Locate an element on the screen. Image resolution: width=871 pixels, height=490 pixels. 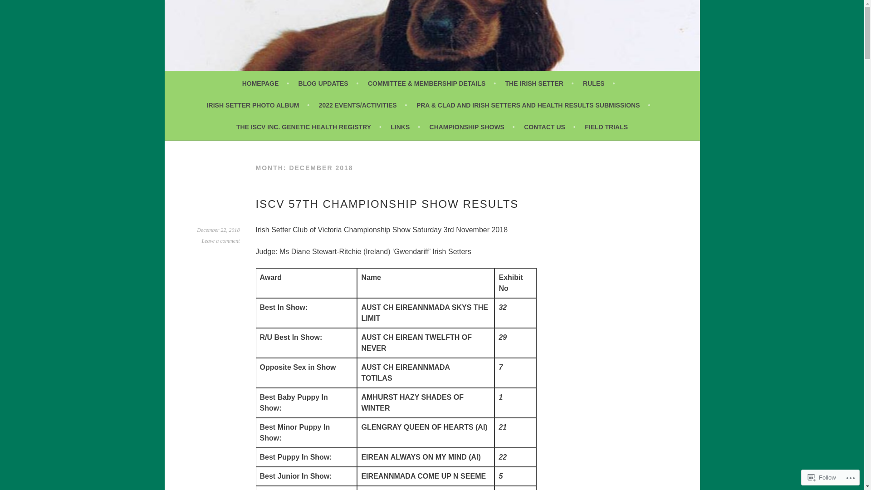
'COMMITTEE & MEMBERSHIP DETAILS' is located at coordinates (431, 83).